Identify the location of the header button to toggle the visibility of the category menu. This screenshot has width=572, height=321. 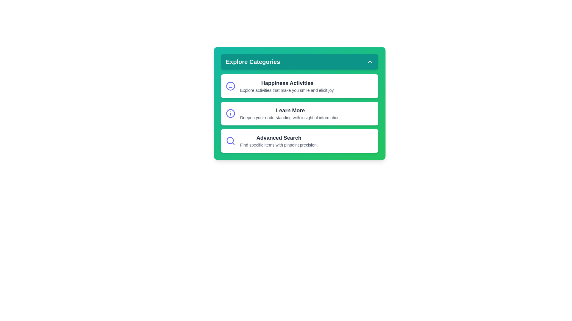
(300, 62).